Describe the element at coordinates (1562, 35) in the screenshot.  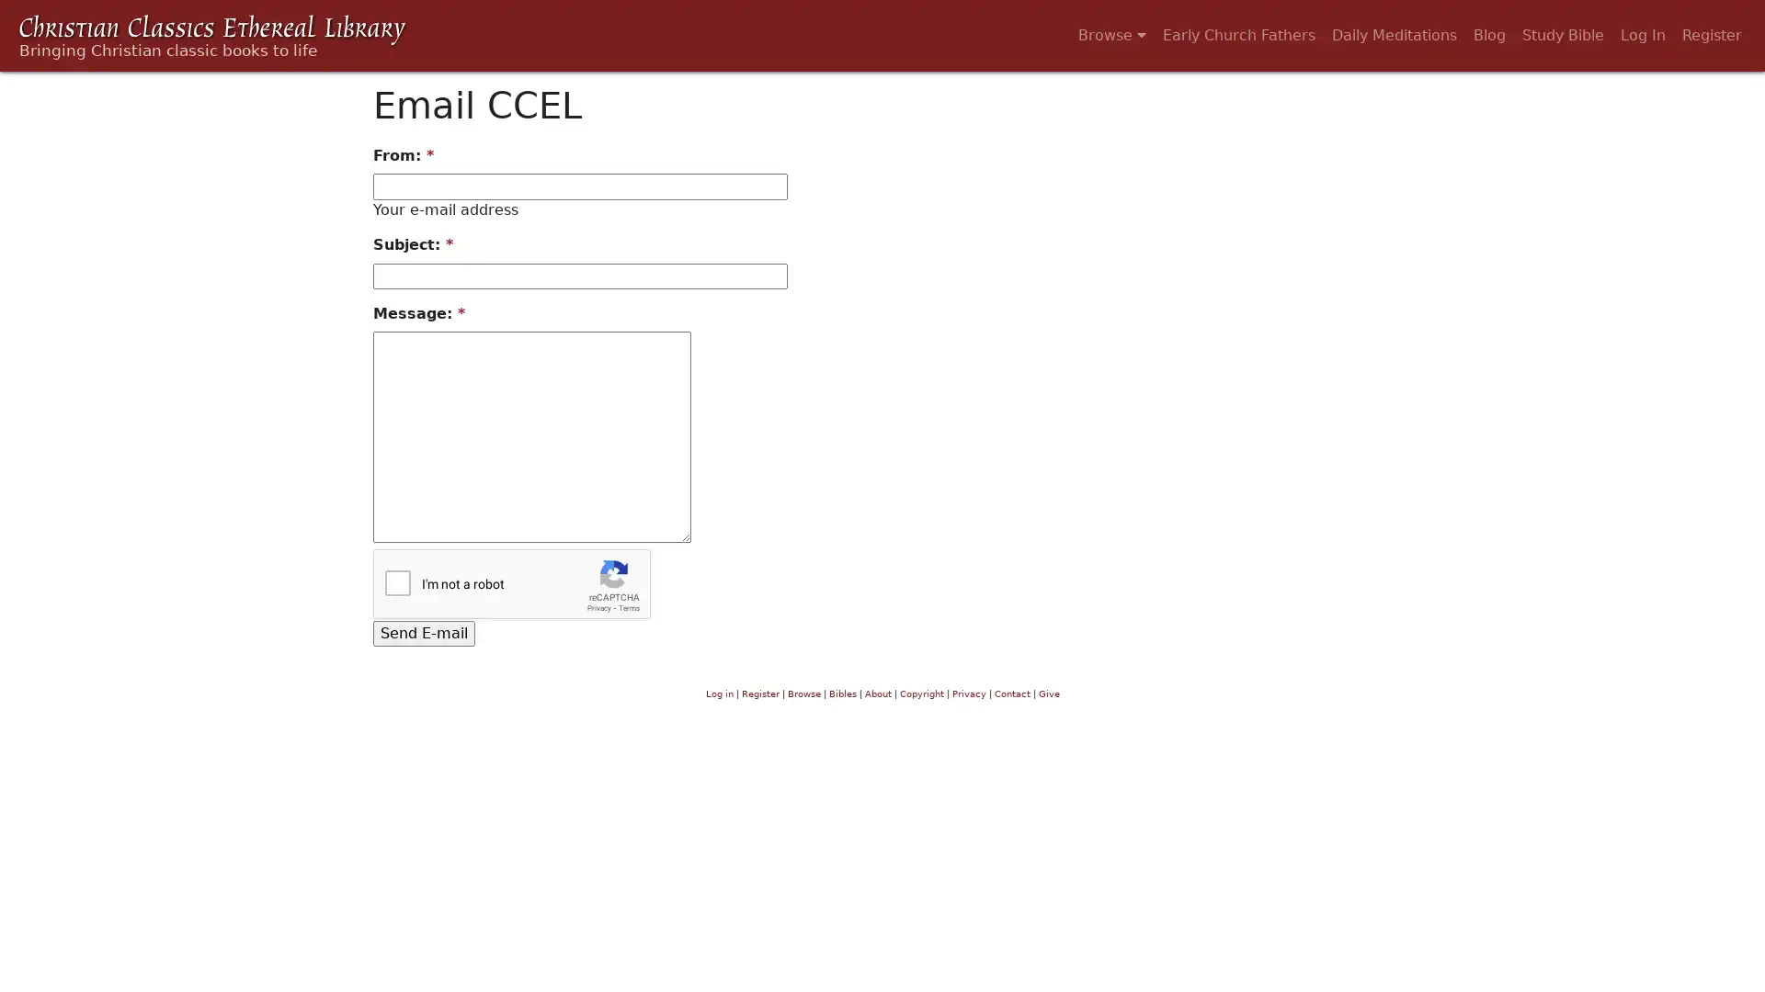
I see `Study Bible` at that location.